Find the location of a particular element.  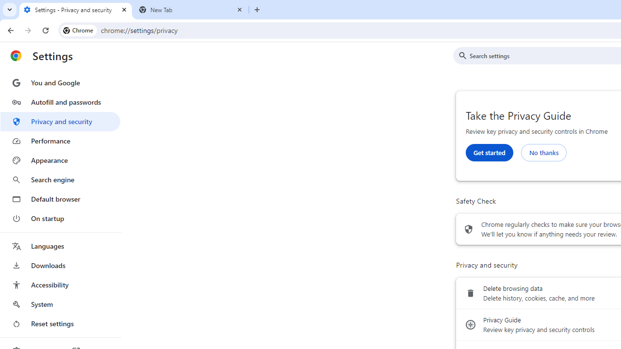

'On startup' is located at coordinates (60, 219).